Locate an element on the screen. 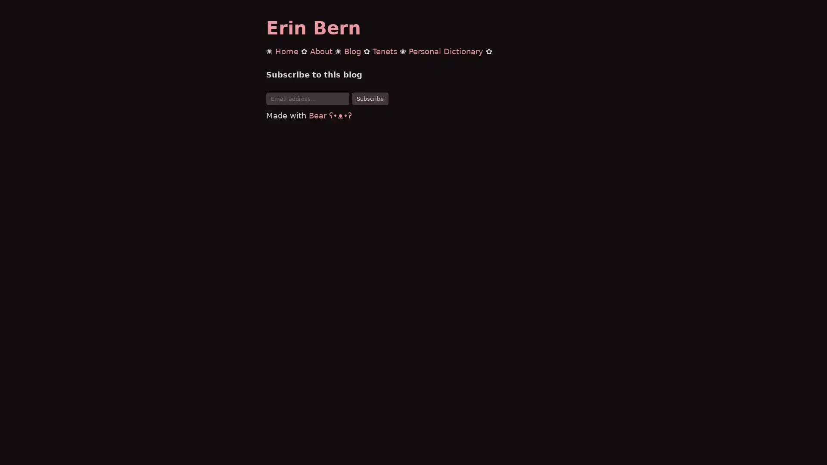 Image resolution: width=827 pixels, height=465 pixels. Subscribe is located at coordinates (370, 98).